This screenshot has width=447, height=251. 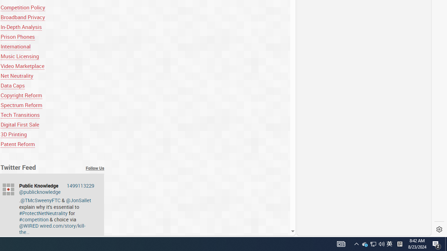 I want to click on 'Music Licensing', so click(x=20, y=56).